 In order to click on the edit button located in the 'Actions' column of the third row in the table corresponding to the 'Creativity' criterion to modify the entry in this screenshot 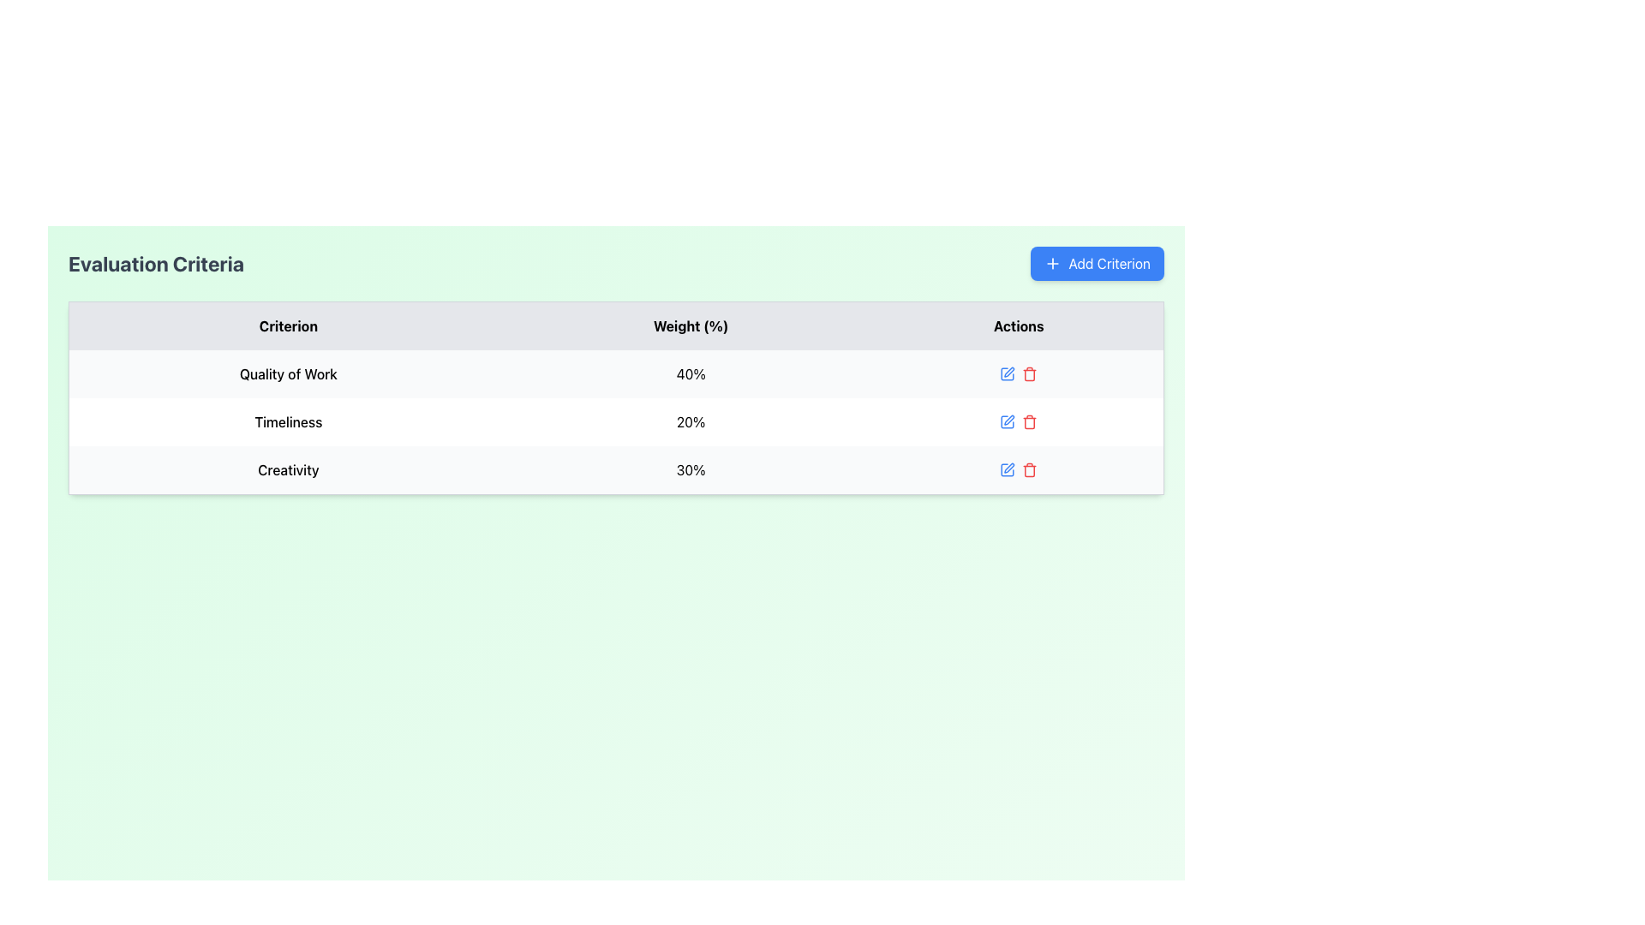, I will do `click(1008, 469)`.